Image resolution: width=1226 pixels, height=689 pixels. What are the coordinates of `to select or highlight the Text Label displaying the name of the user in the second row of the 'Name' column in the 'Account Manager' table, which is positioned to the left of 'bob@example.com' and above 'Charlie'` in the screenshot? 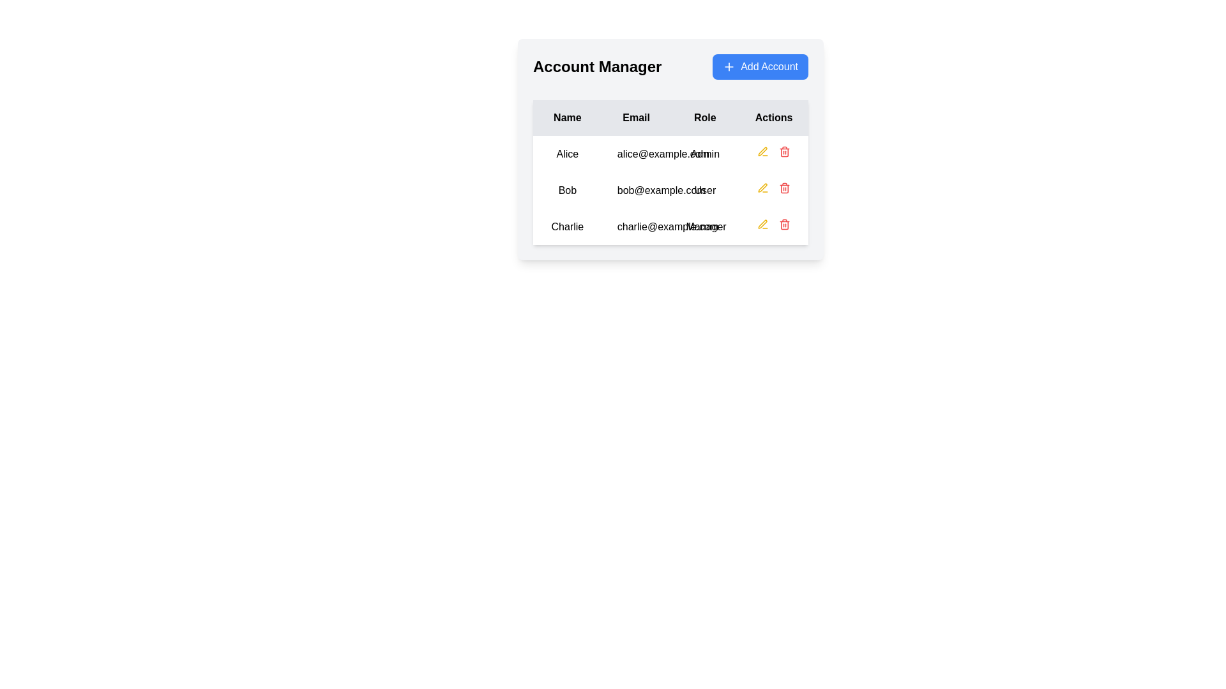 It's located at (566, 190).